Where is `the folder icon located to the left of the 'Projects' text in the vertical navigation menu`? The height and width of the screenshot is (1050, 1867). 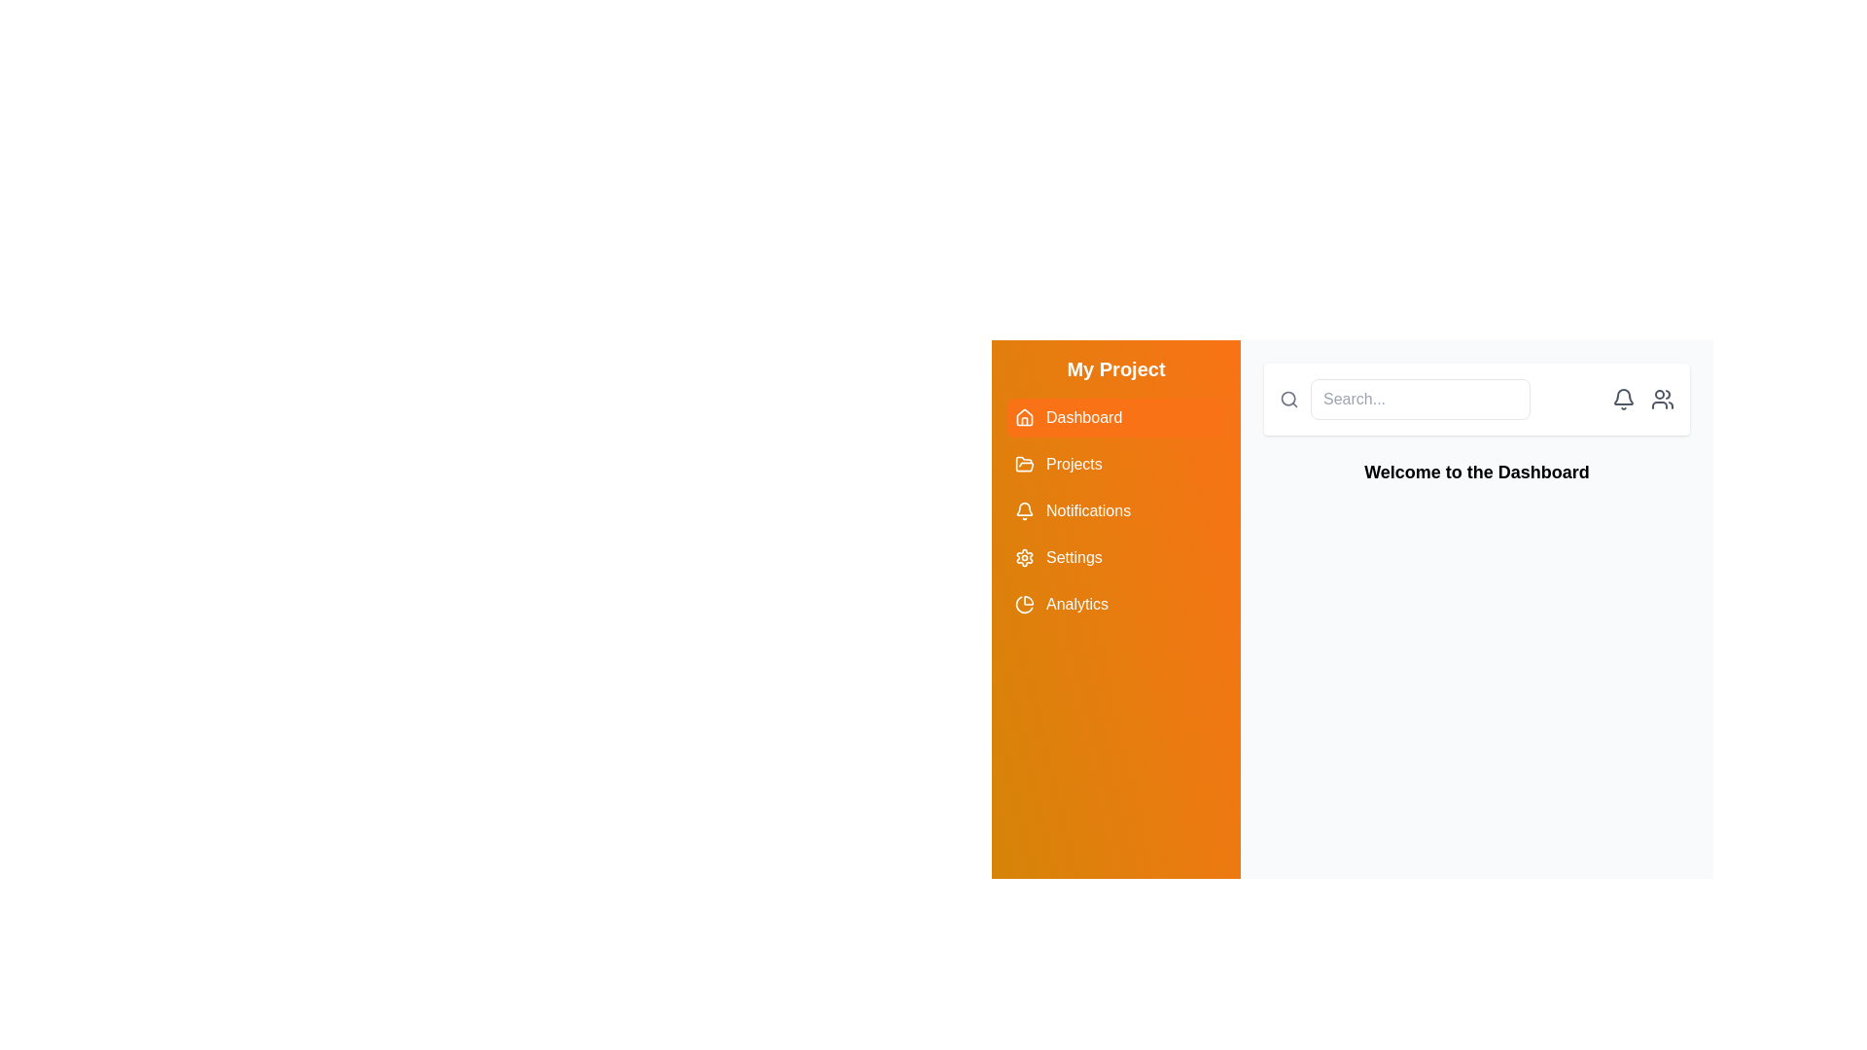 the folder icon located to the left of the 'Projects' text in the vertical navigation menu is located at coordinates (1024, 465).